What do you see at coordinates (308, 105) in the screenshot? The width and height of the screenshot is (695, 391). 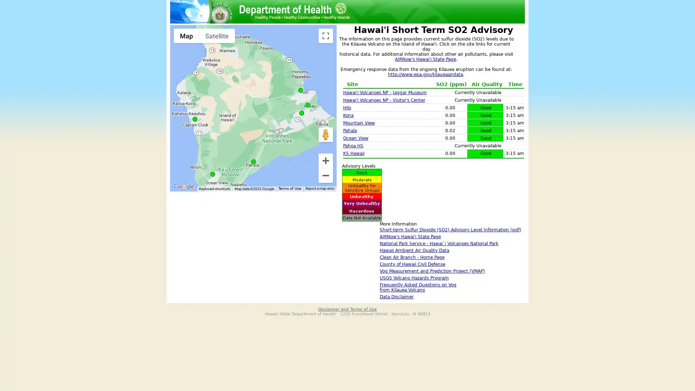 I see `KS Hawaii: SO2 0.00 ppm (Good) on 06/28 at 03:15 am` at bounding box center [308, 105].